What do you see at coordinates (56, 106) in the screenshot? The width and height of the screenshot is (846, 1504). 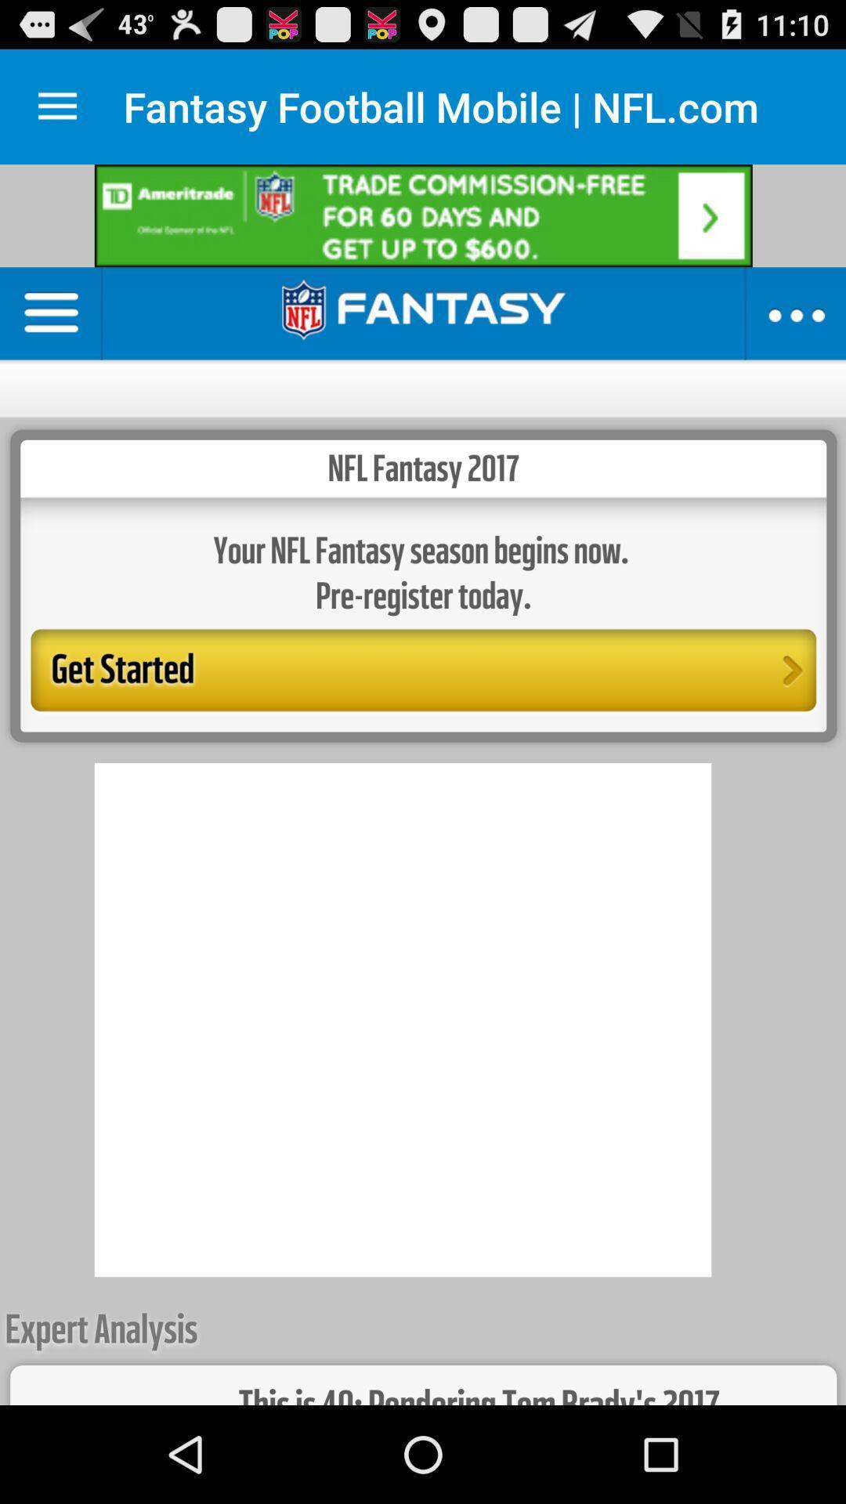 I see `opsan` at bounding box center [56, 106].